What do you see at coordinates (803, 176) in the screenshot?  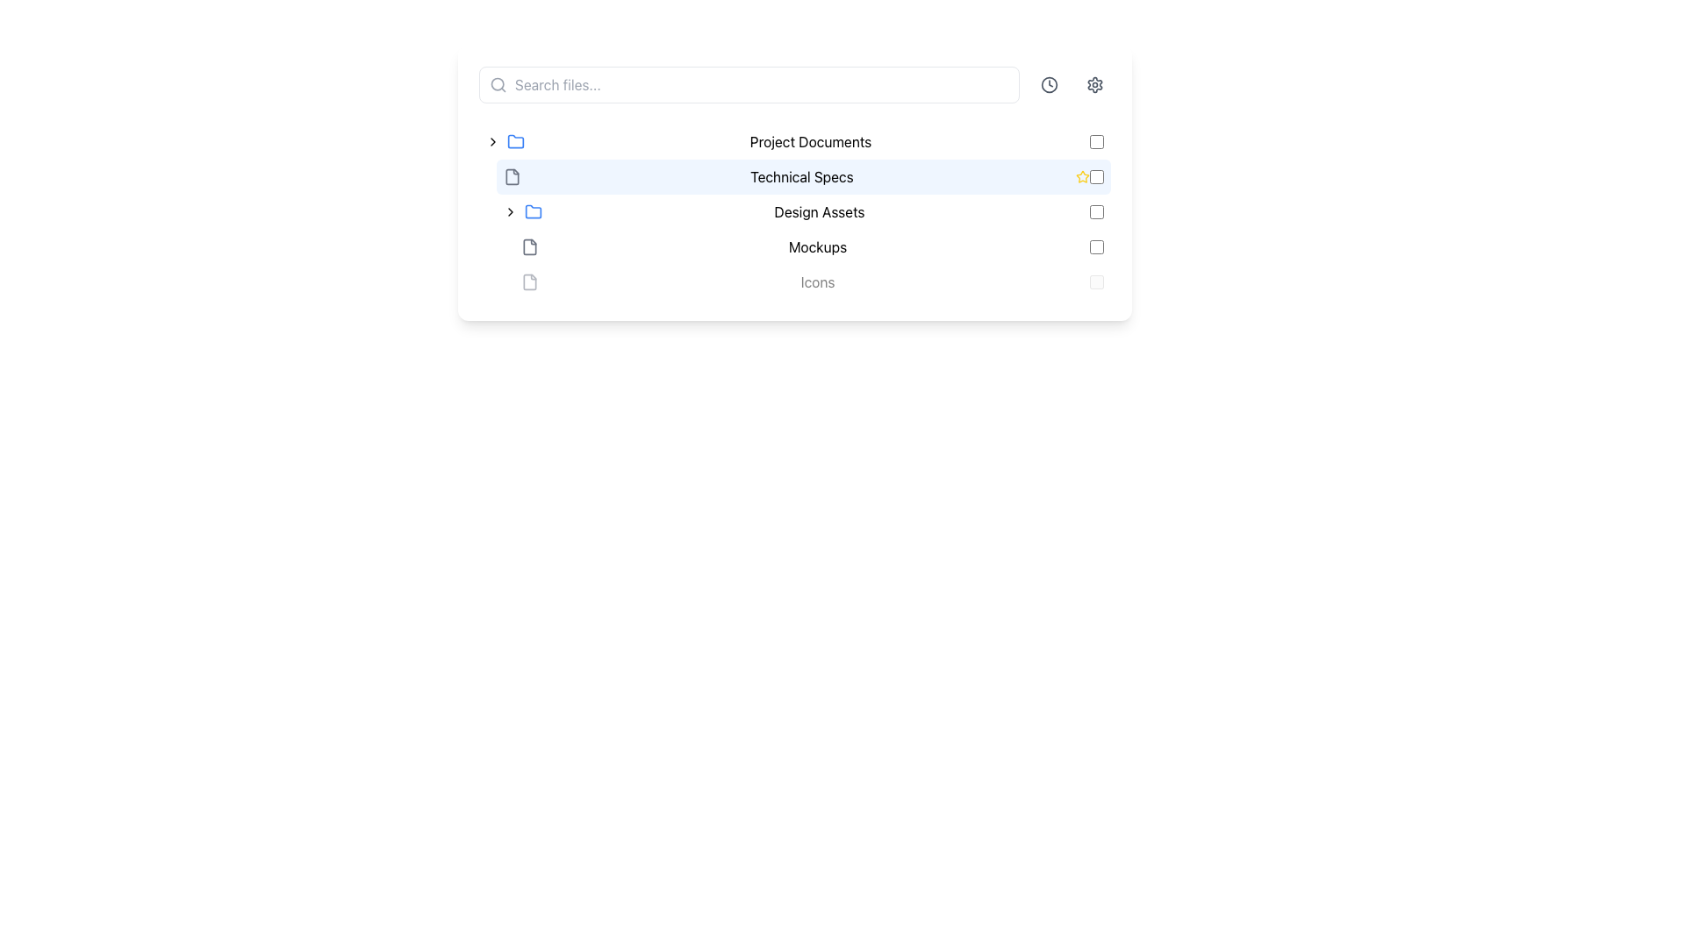 I see `the list item with a light blue background labeled 'Technical Specs'` at bounding box center [803, 176].